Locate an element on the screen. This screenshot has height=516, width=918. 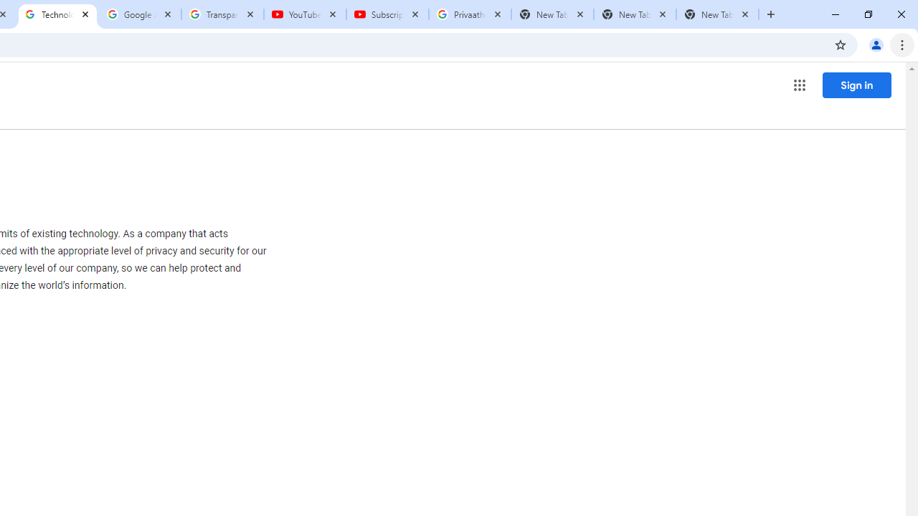
'New Tab' is located at coordinates (717, 14).